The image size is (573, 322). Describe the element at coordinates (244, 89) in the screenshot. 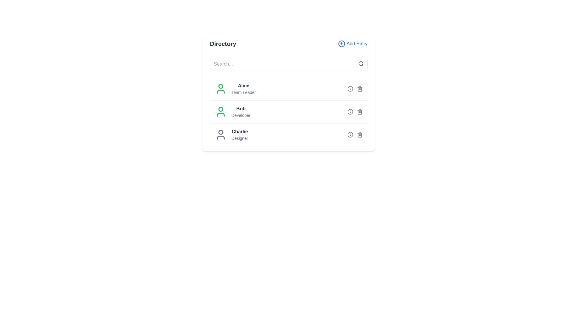

I see `the Text Display Block that shows 'Alice' and 'Team Leader' in the directory list` at that location.